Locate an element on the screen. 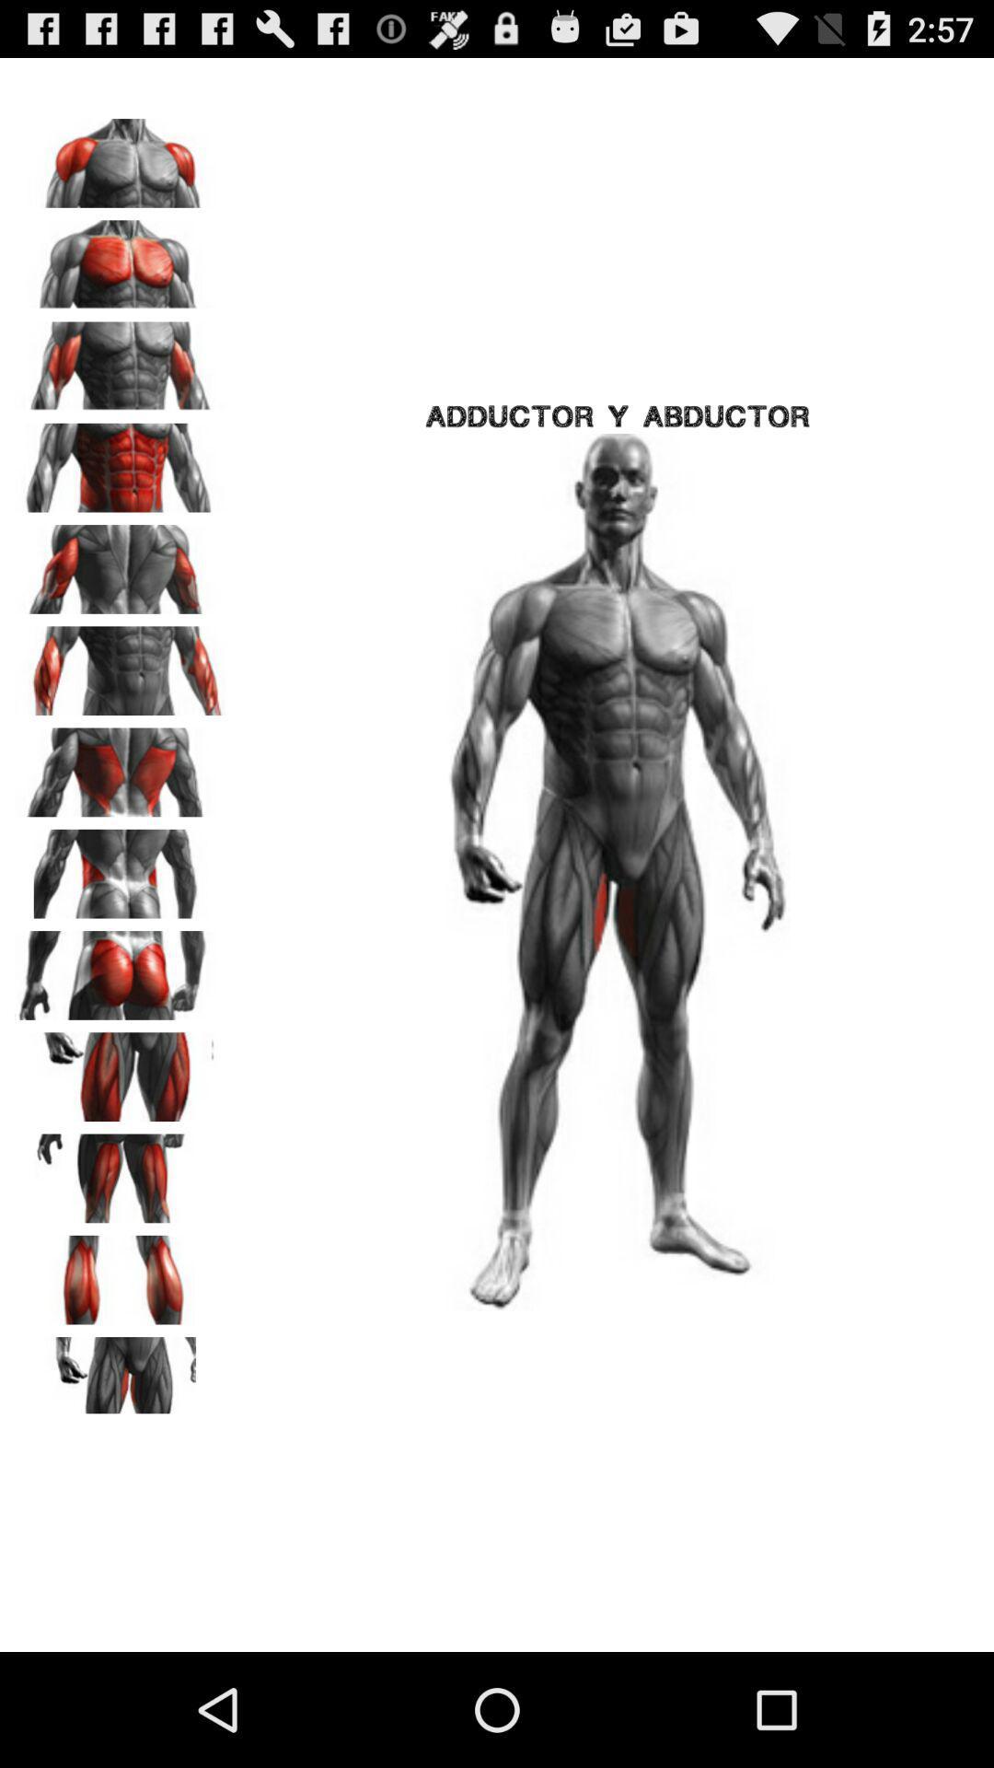 The image size is (994, 1768). muscle is located at coordinates (121, 157).